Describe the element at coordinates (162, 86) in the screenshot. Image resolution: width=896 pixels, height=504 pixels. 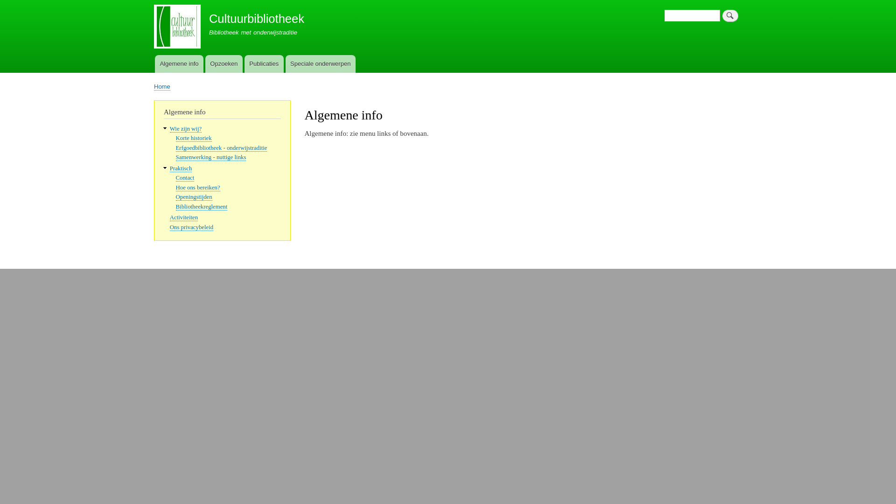
I see `'Home'` at that location.